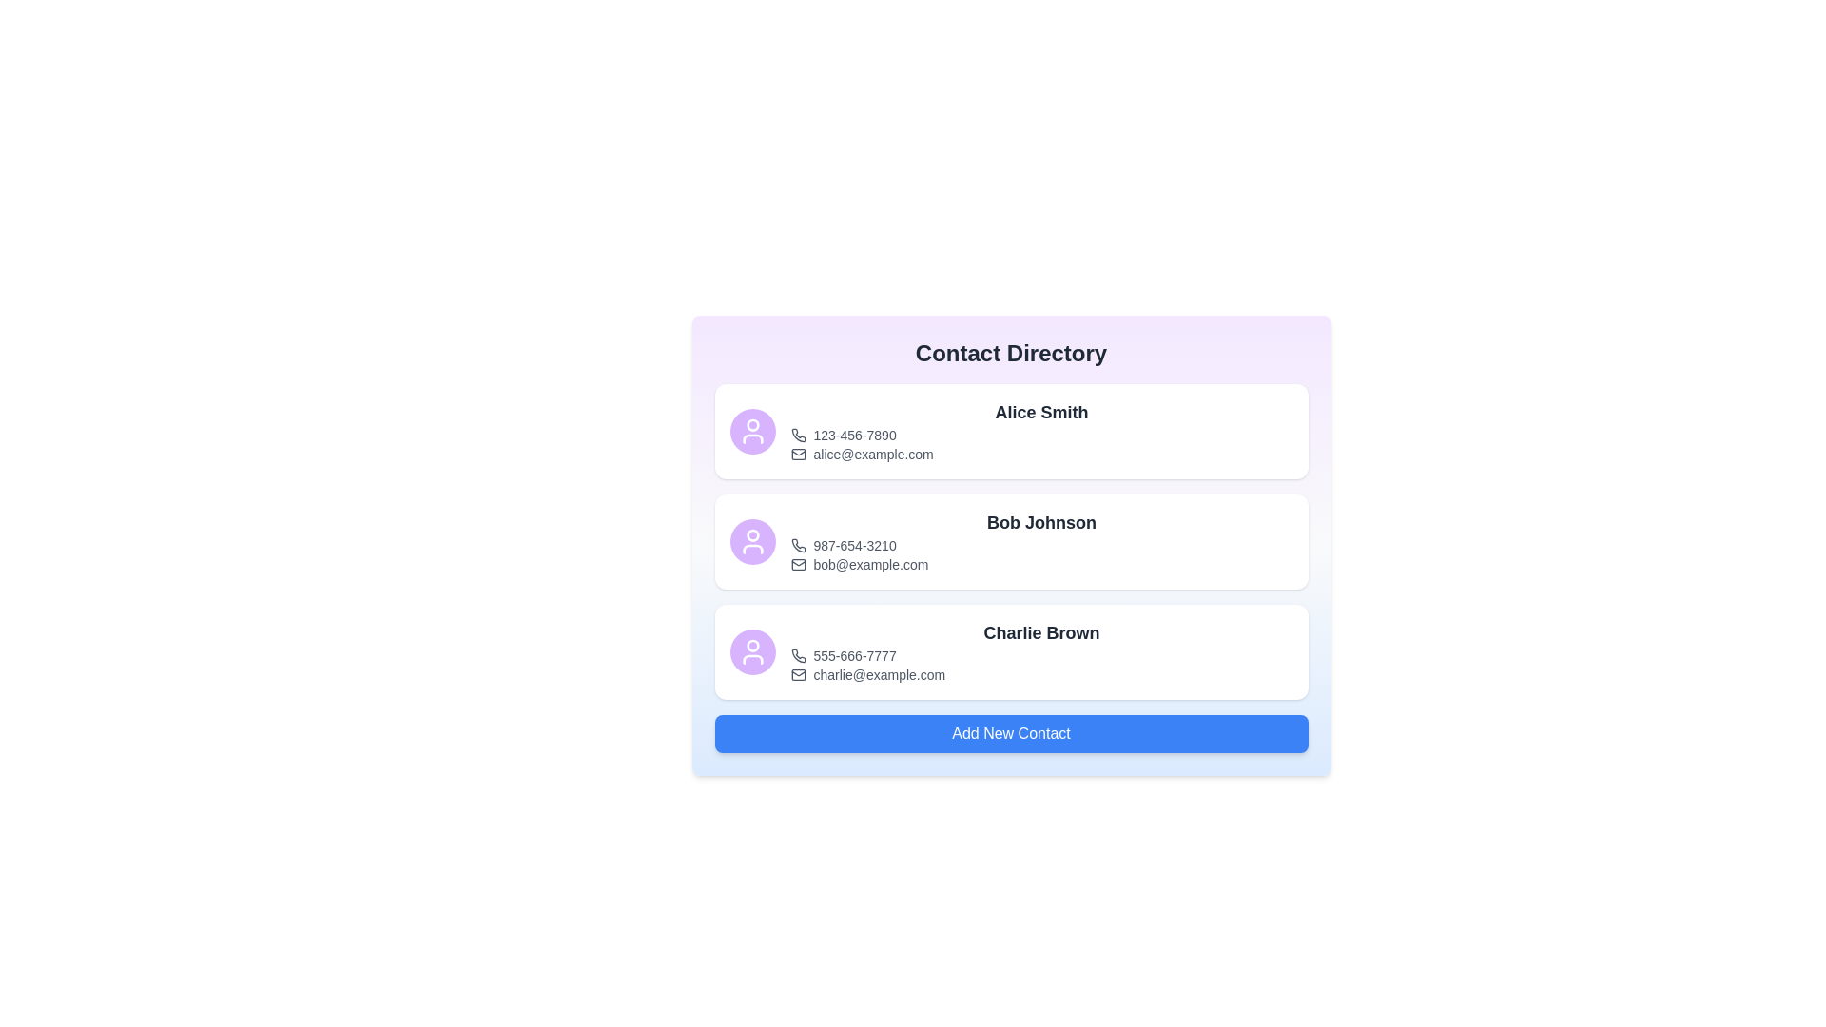 This screenshot has height=1027, width=1826. Describe the element at coordinates (1010, 651) in the screenshot. I see `the contact entry for Charlie Brown` at that location.